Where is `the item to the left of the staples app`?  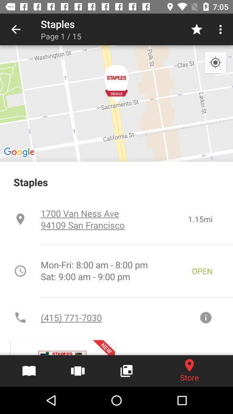
the item to the left of the staples app is located at coordinates (16, 29).